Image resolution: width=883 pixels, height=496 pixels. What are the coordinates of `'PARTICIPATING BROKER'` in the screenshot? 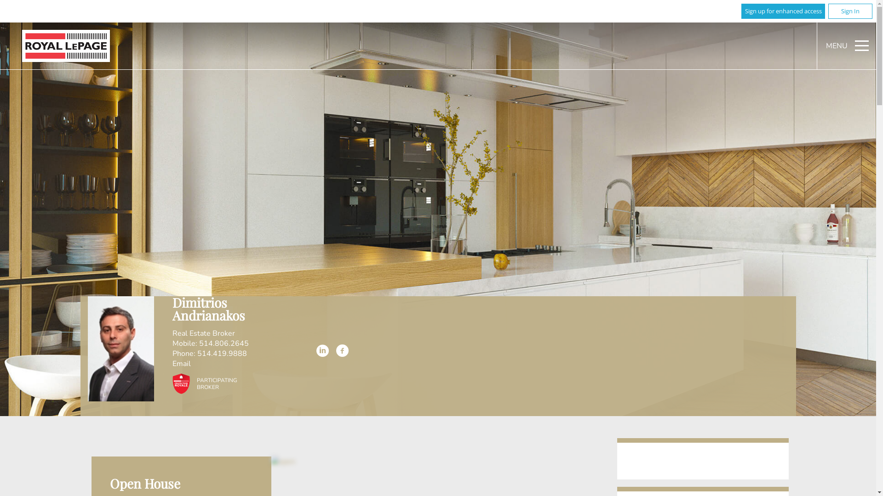 It's located at (201, 383).